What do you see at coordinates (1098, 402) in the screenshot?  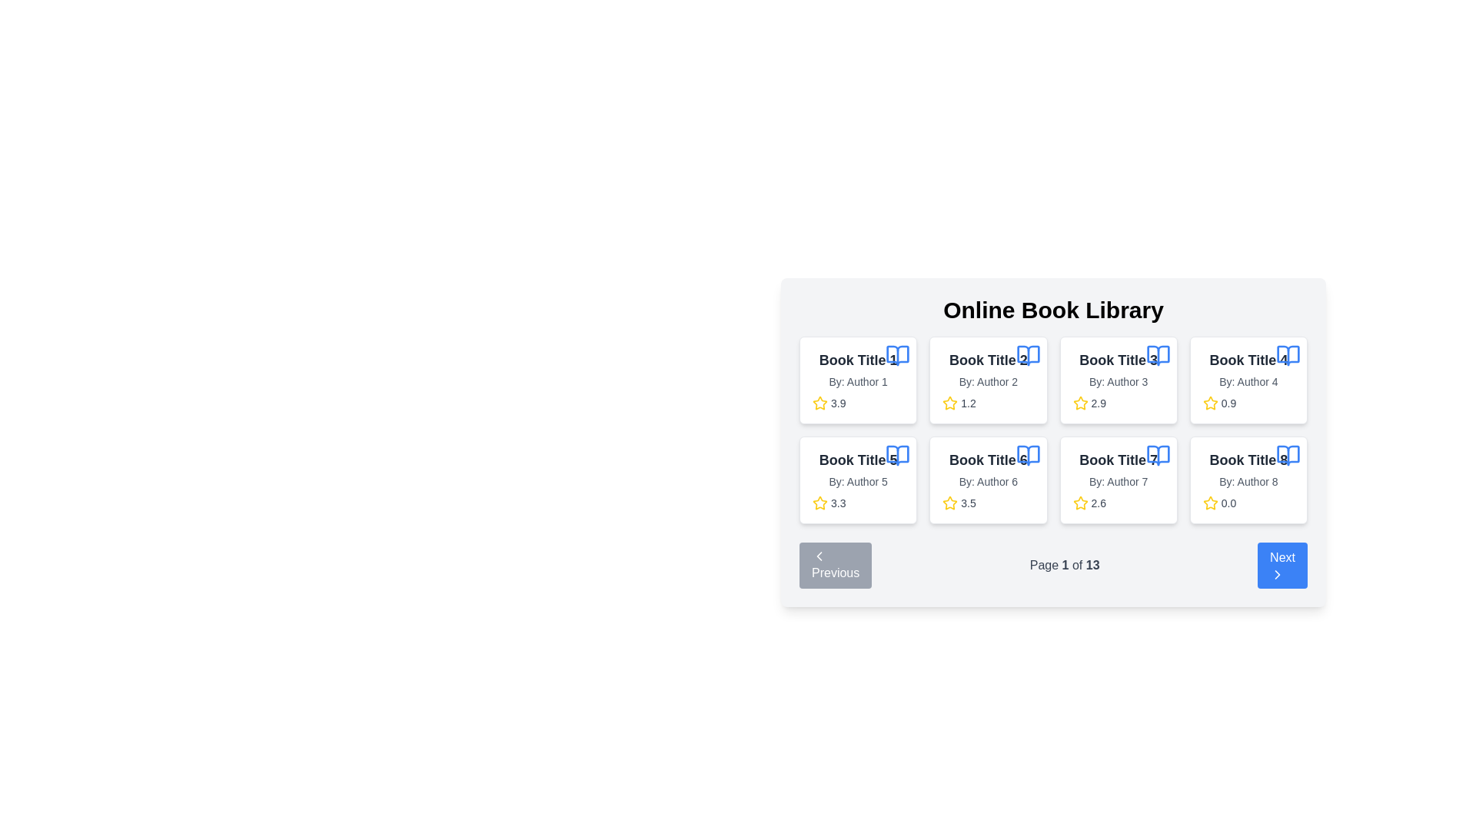 I see `the text label displaying the numerical value '2.9', which is positioned to the right of the yellow star icon in the bottom section of the card for 'Book Title 7'` at bounding box center [1098, 402].